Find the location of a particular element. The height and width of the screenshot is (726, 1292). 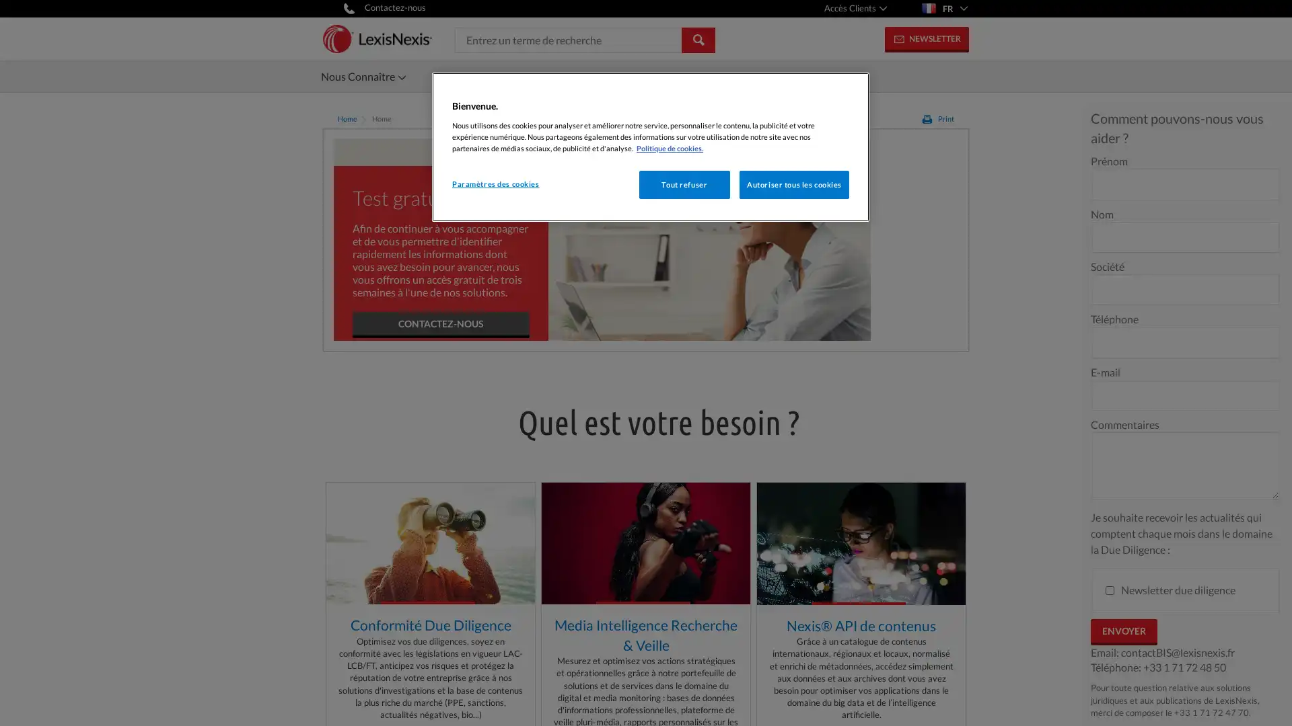

Rechercher is located at coordinates (698, 38).